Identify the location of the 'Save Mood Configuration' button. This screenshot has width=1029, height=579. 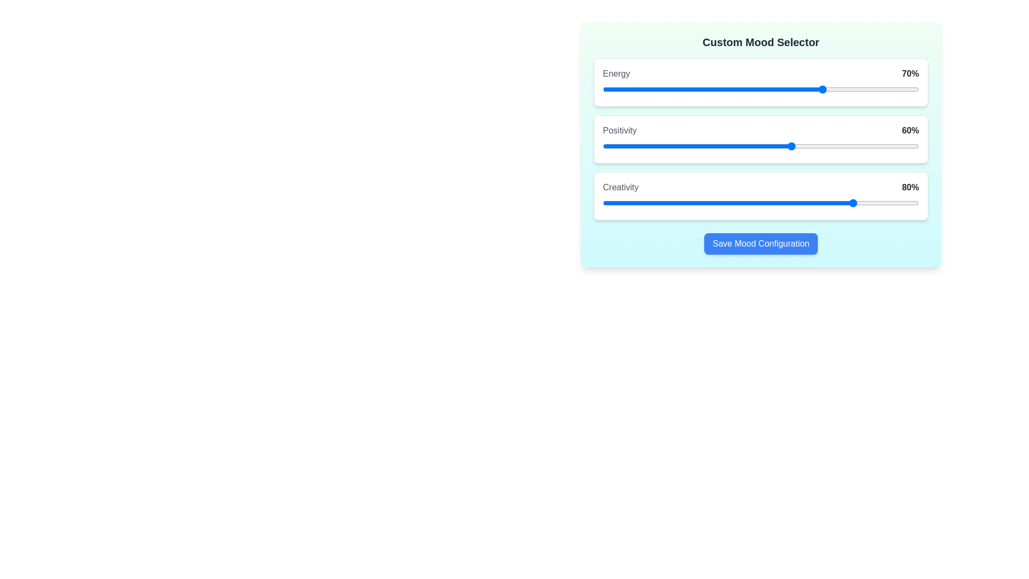
(760, 244).